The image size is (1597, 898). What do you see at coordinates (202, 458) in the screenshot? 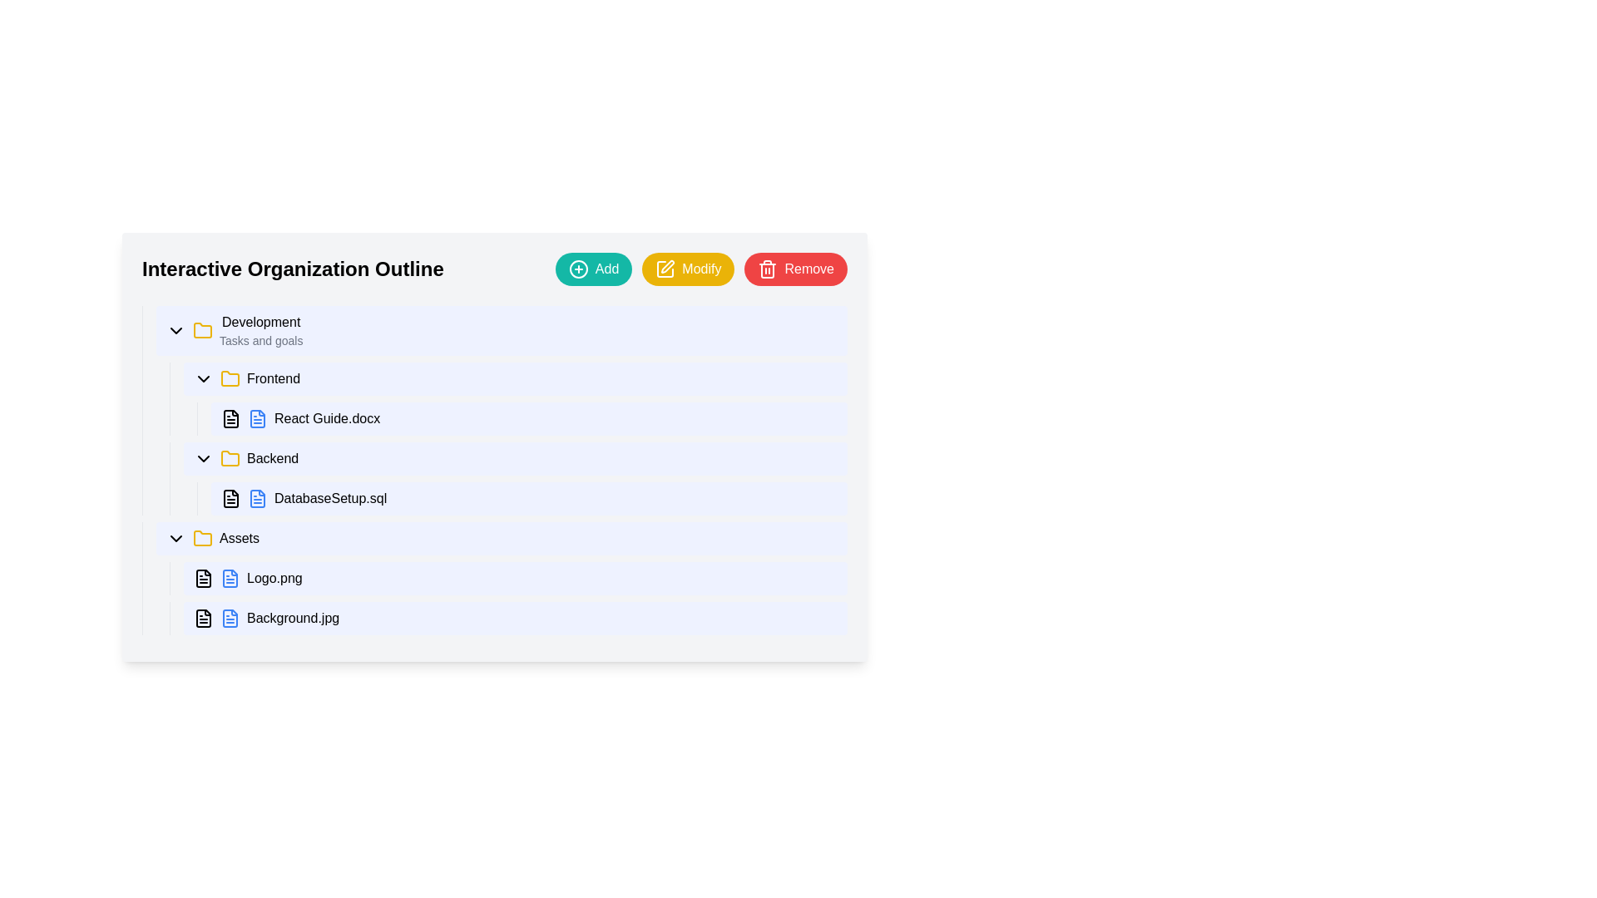
I see `the chevron icon indicating the collapsibility of the 'Backend' section` at bounding box center [202, 458].